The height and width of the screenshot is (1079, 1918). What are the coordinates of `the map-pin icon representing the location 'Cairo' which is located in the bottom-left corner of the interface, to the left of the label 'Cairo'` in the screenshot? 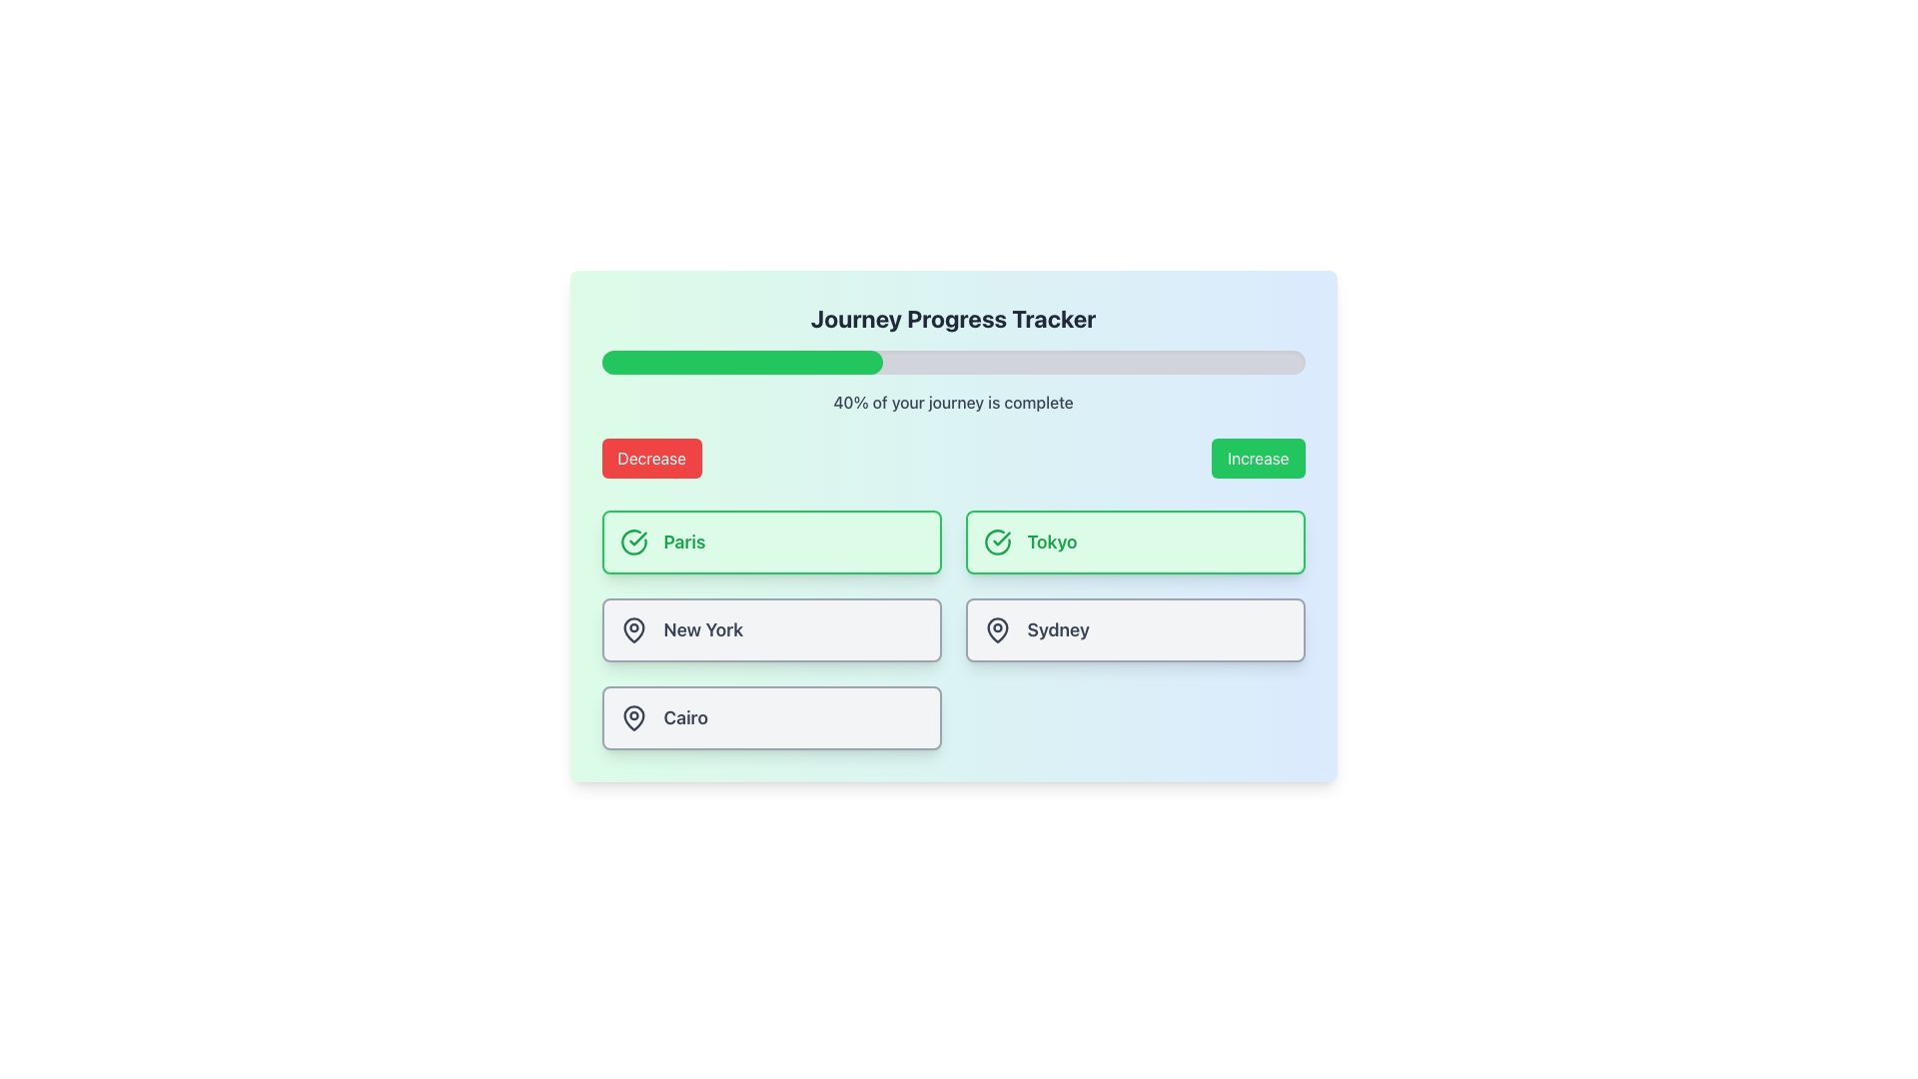 It's located at (632, 716).